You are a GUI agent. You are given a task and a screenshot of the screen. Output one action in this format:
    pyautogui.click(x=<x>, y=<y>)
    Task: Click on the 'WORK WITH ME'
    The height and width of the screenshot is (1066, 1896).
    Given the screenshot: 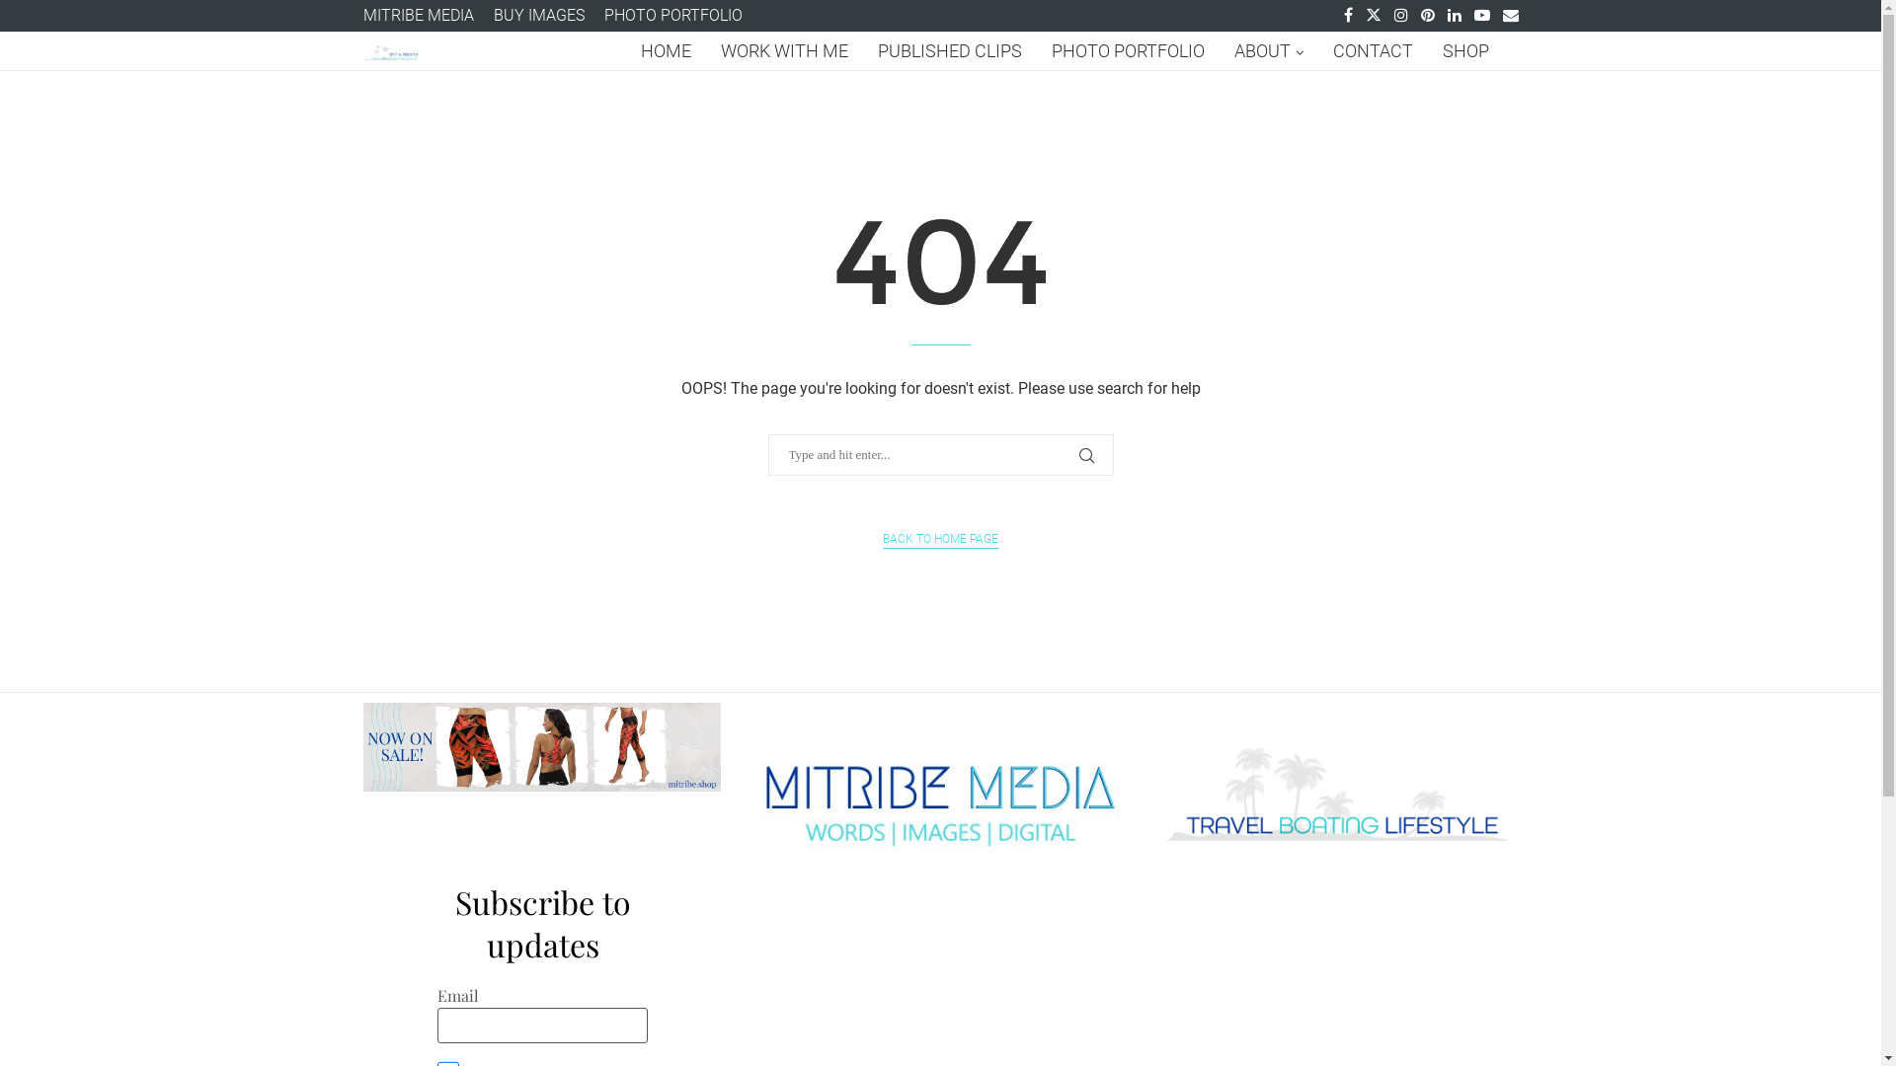 What is the action you would take?
    pyautogui.click(x=719, y=50)
    